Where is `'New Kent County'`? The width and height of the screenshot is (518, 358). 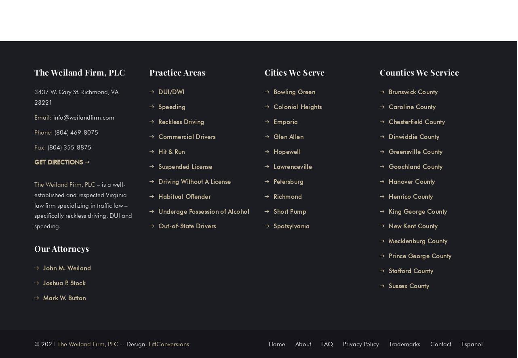 'New Kent County' is located at coordinates (413, 226).